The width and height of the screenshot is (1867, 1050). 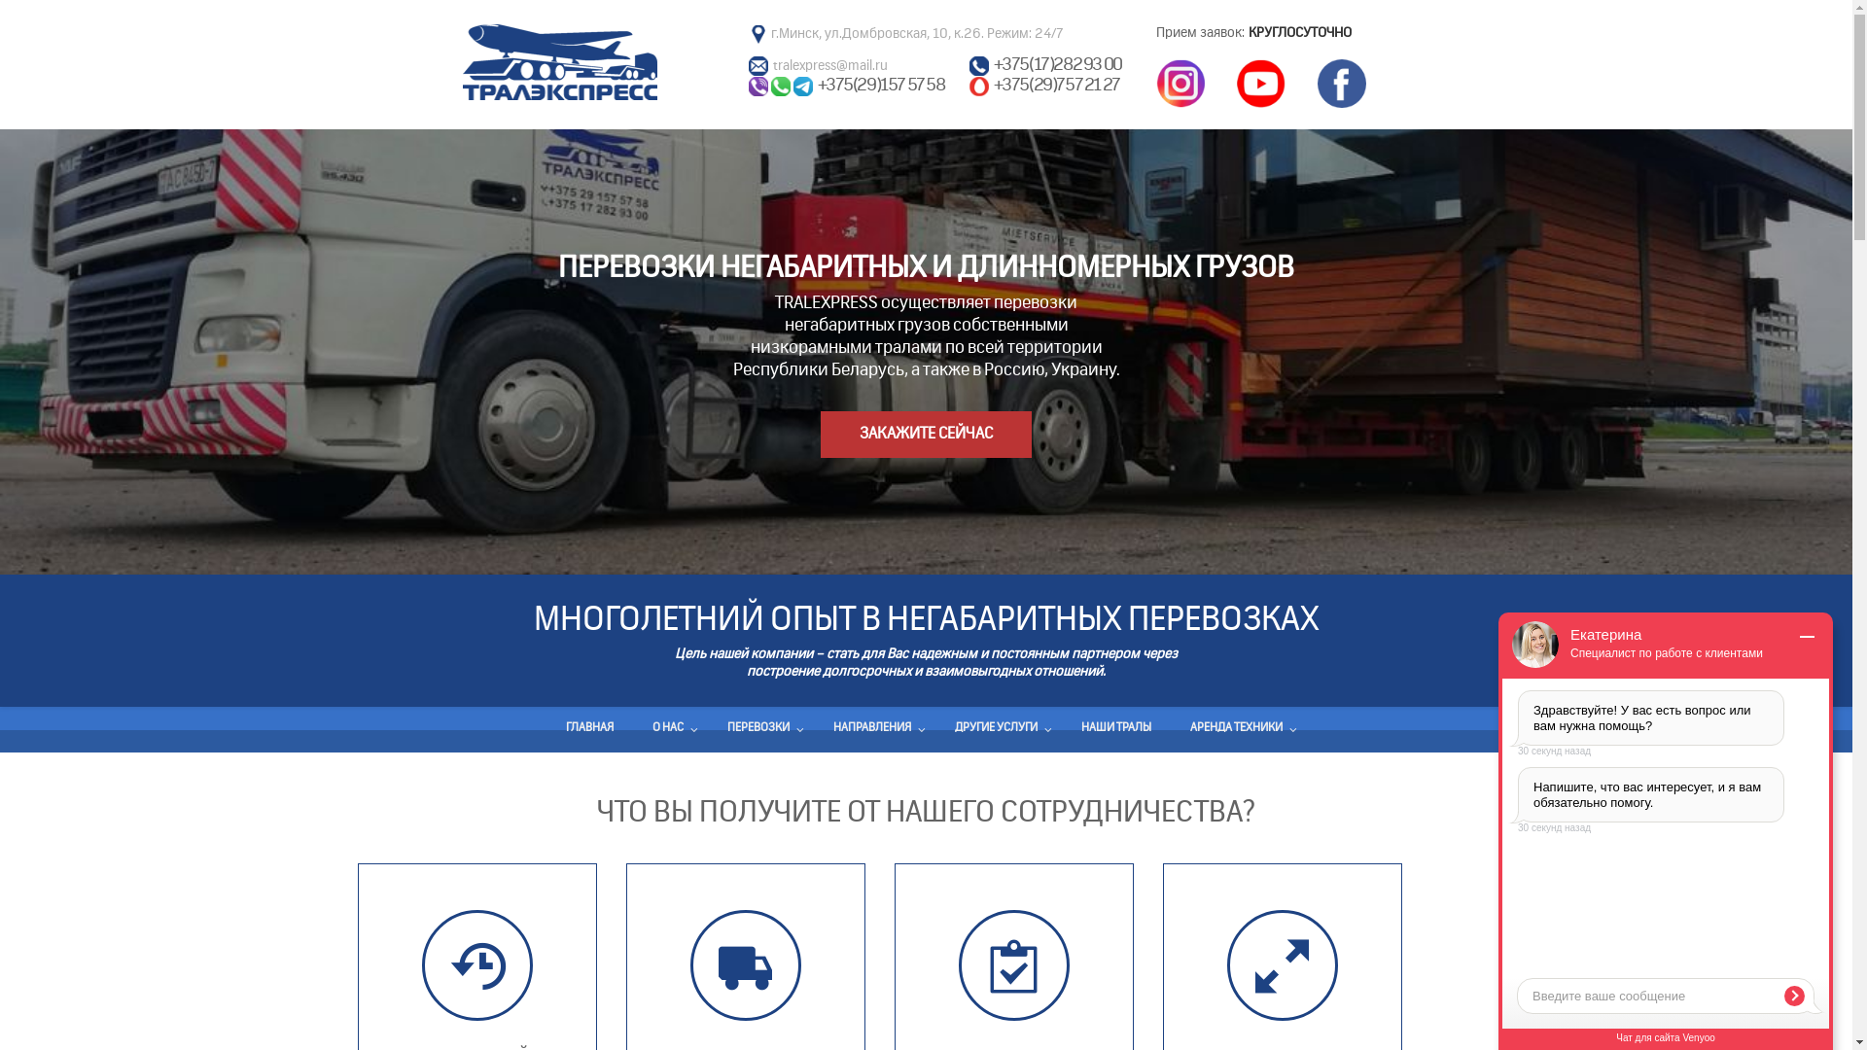 I want to click on '+375(29)757 21 27', so click(x=1055, y=84).